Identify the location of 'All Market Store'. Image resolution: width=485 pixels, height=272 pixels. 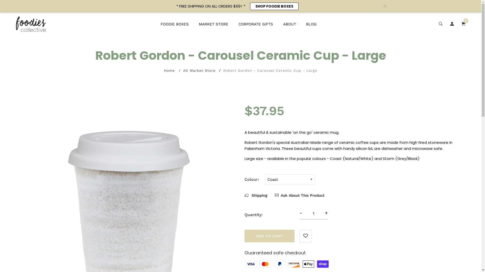
(199, 71).